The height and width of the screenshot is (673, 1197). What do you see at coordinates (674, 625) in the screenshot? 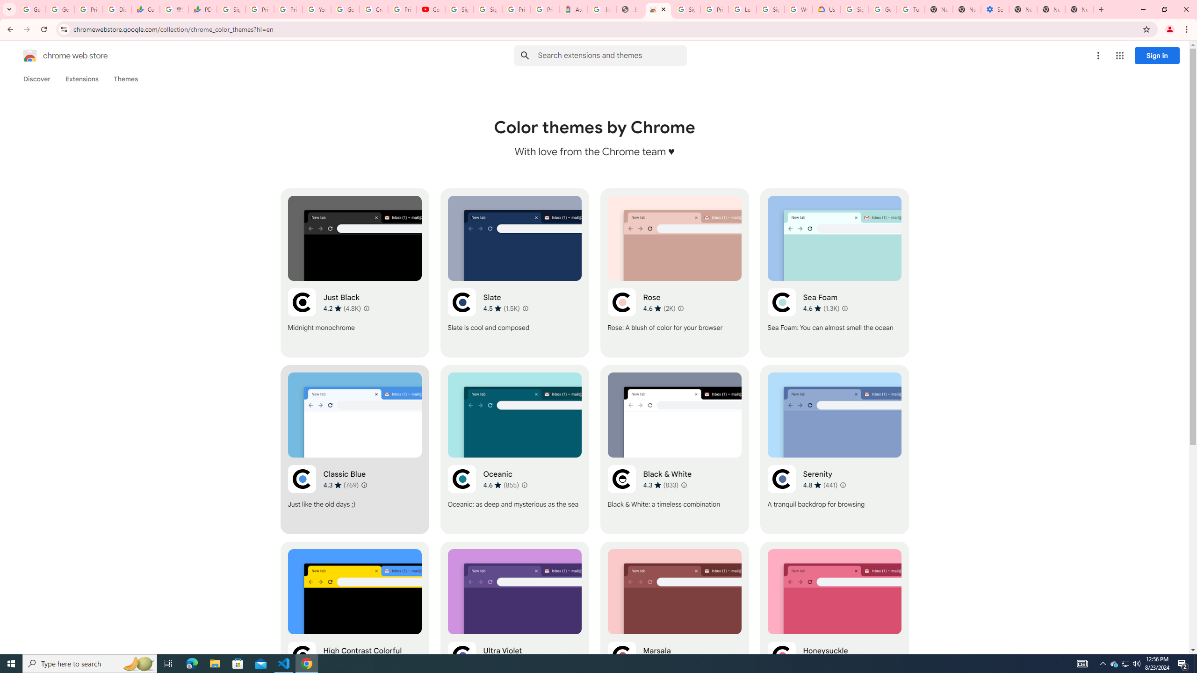
I see `'Marsala'` at bounding box center [674, 625].